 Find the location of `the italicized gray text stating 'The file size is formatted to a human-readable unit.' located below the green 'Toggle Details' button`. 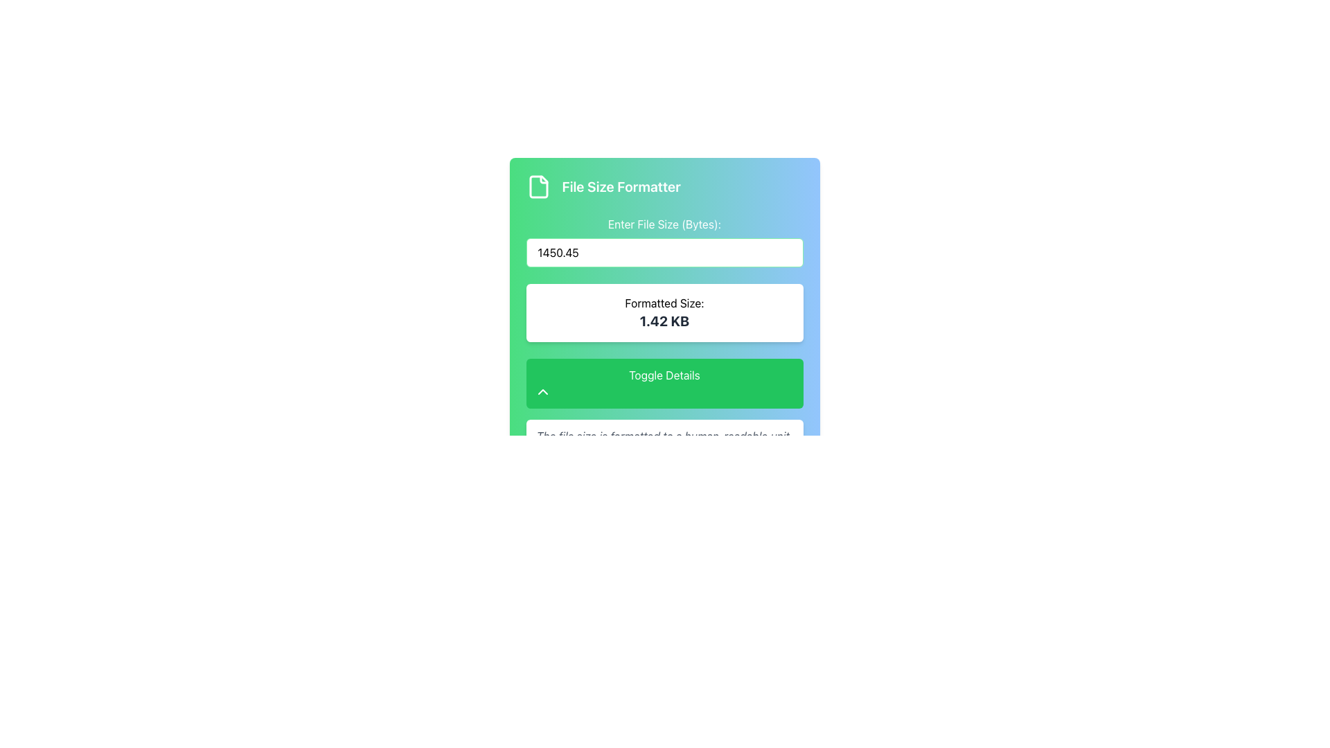

the italicized gray text stating 'The file size is formatted to a human-readable unit.' located below the green 'Toggle Details' button is located at coordinates (664, 435).